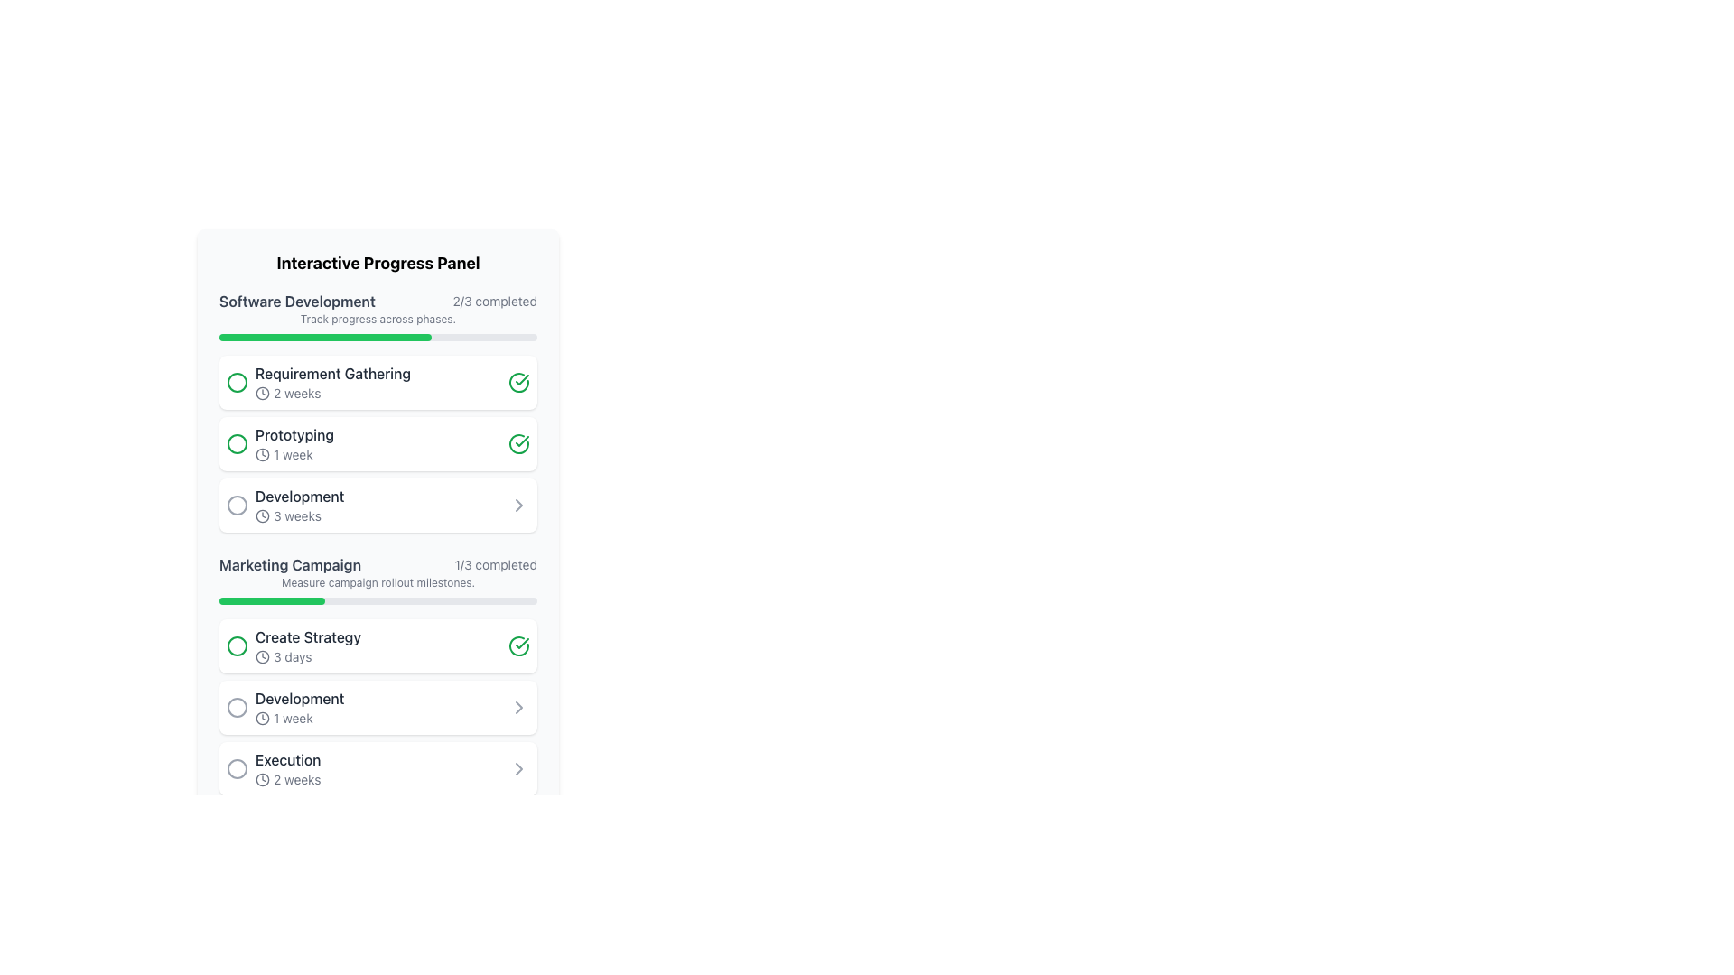 Image resolution: width=1734 pixels, height=975 pixels. I want to click on the illustration of the completion icon next to the 'Requirement Gathering' task in the 'Software Development' category, so click(518, 382).